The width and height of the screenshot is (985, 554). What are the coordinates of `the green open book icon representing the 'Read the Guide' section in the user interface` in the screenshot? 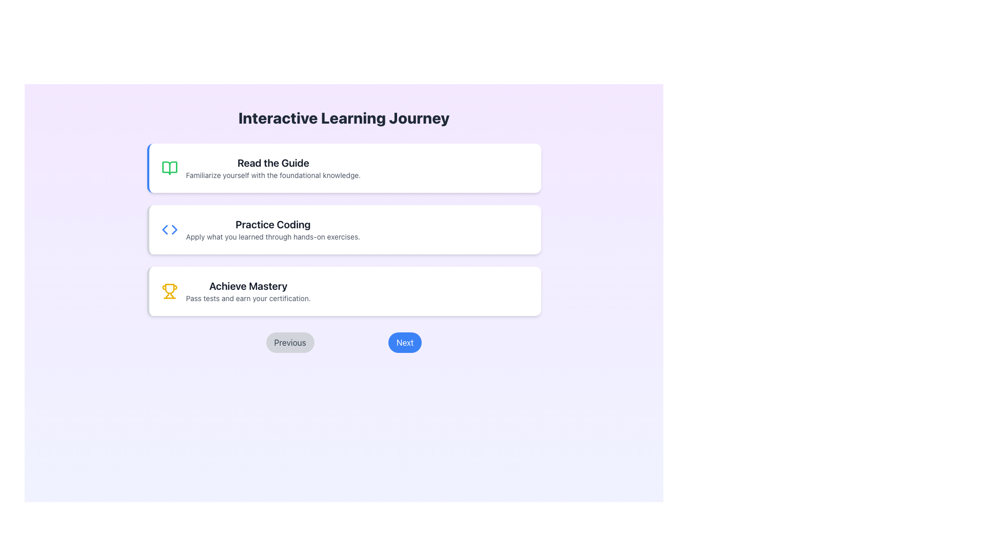 It's located at (169, 167).